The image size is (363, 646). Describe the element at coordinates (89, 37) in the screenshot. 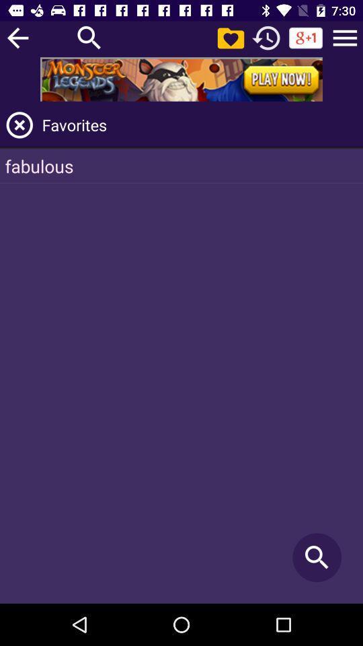

I see `search` at that location.